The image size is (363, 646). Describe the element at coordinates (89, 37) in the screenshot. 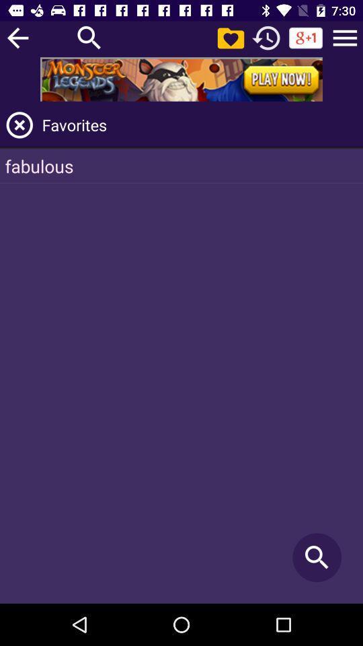

I see `search` at that location.